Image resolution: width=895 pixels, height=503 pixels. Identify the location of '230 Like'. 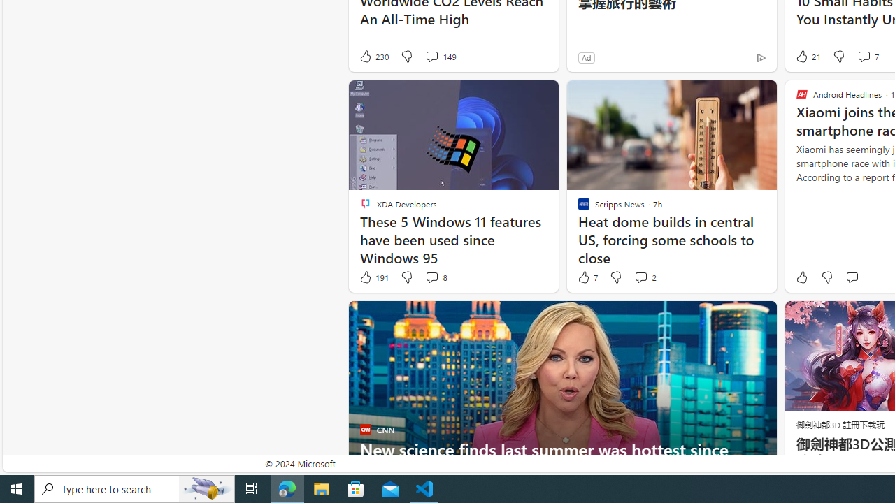
(373, 56).